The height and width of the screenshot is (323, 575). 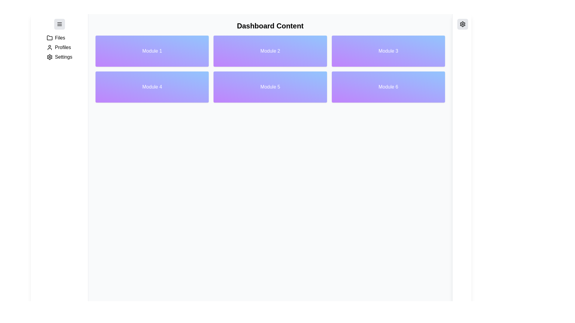 What do you see at coordinates (462, 24) in the screenshot?
I see `the settings icon, which is a cogwheel shape located in the top-right corner of the interface, specifically the third element in the vertical toolbar` at bounding box center [462, 24].